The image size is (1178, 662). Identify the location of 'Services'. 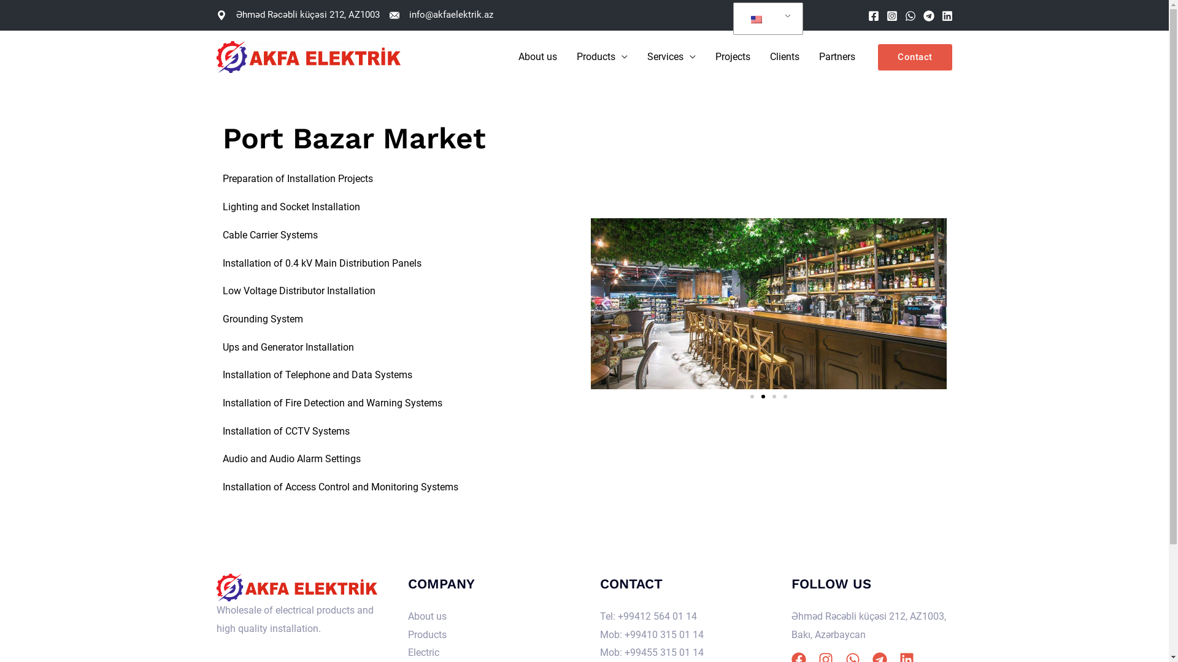
(637, 56).